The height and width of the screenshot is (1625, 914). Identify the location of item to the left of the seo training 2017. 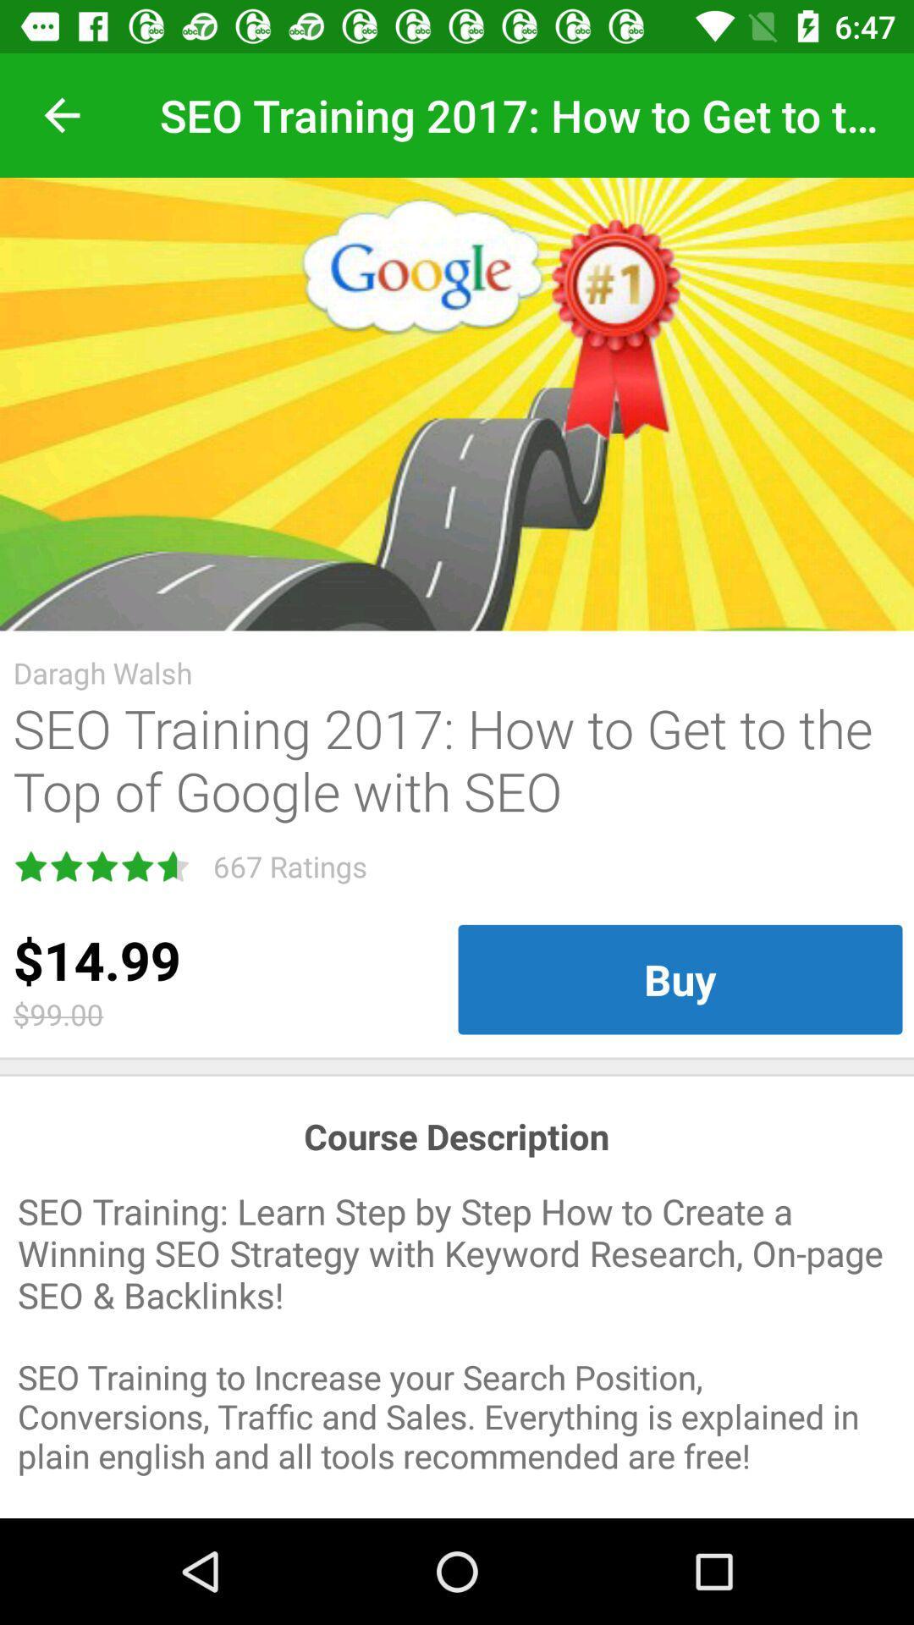
(61, 114).